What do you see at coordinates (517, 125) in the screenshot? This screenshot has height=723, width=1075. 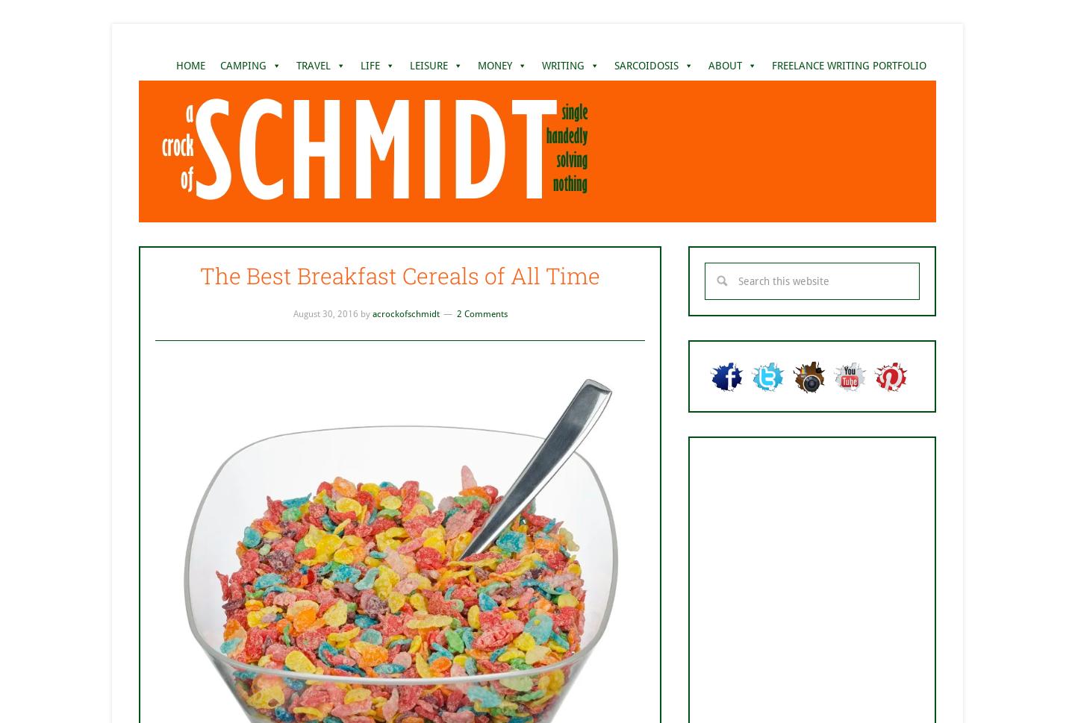 I see `'HOUSE SCHMIDT'` at bounding box center [517, 125].